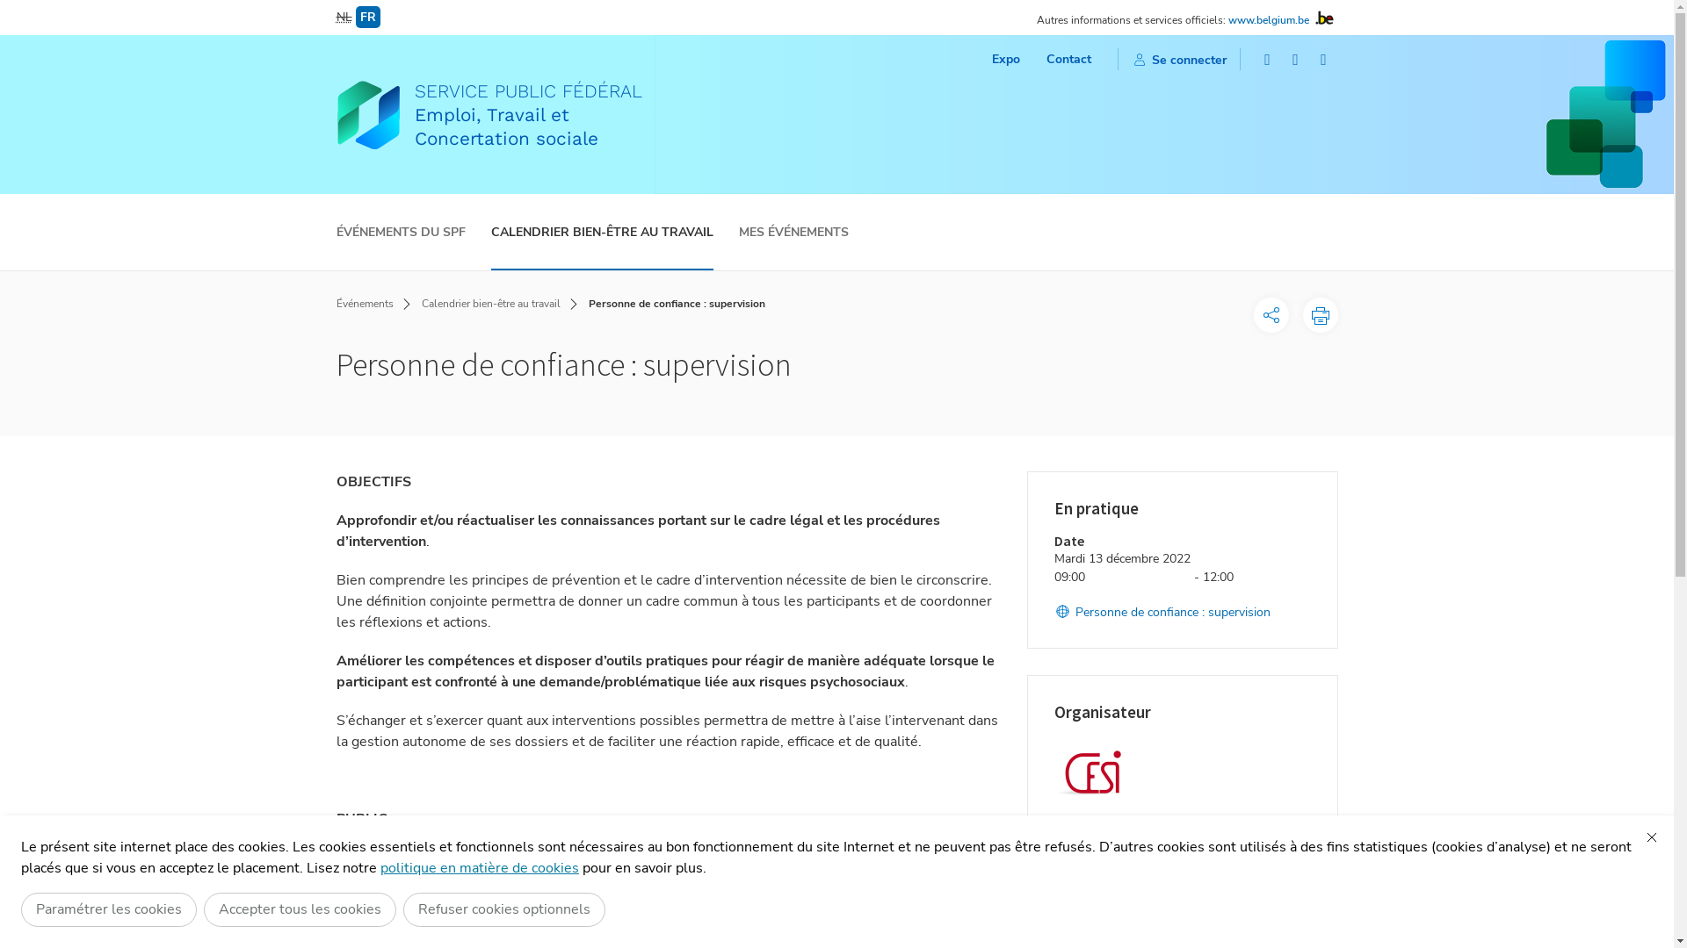  I want to click on 'www.belgium.be', so click(1269, 20).